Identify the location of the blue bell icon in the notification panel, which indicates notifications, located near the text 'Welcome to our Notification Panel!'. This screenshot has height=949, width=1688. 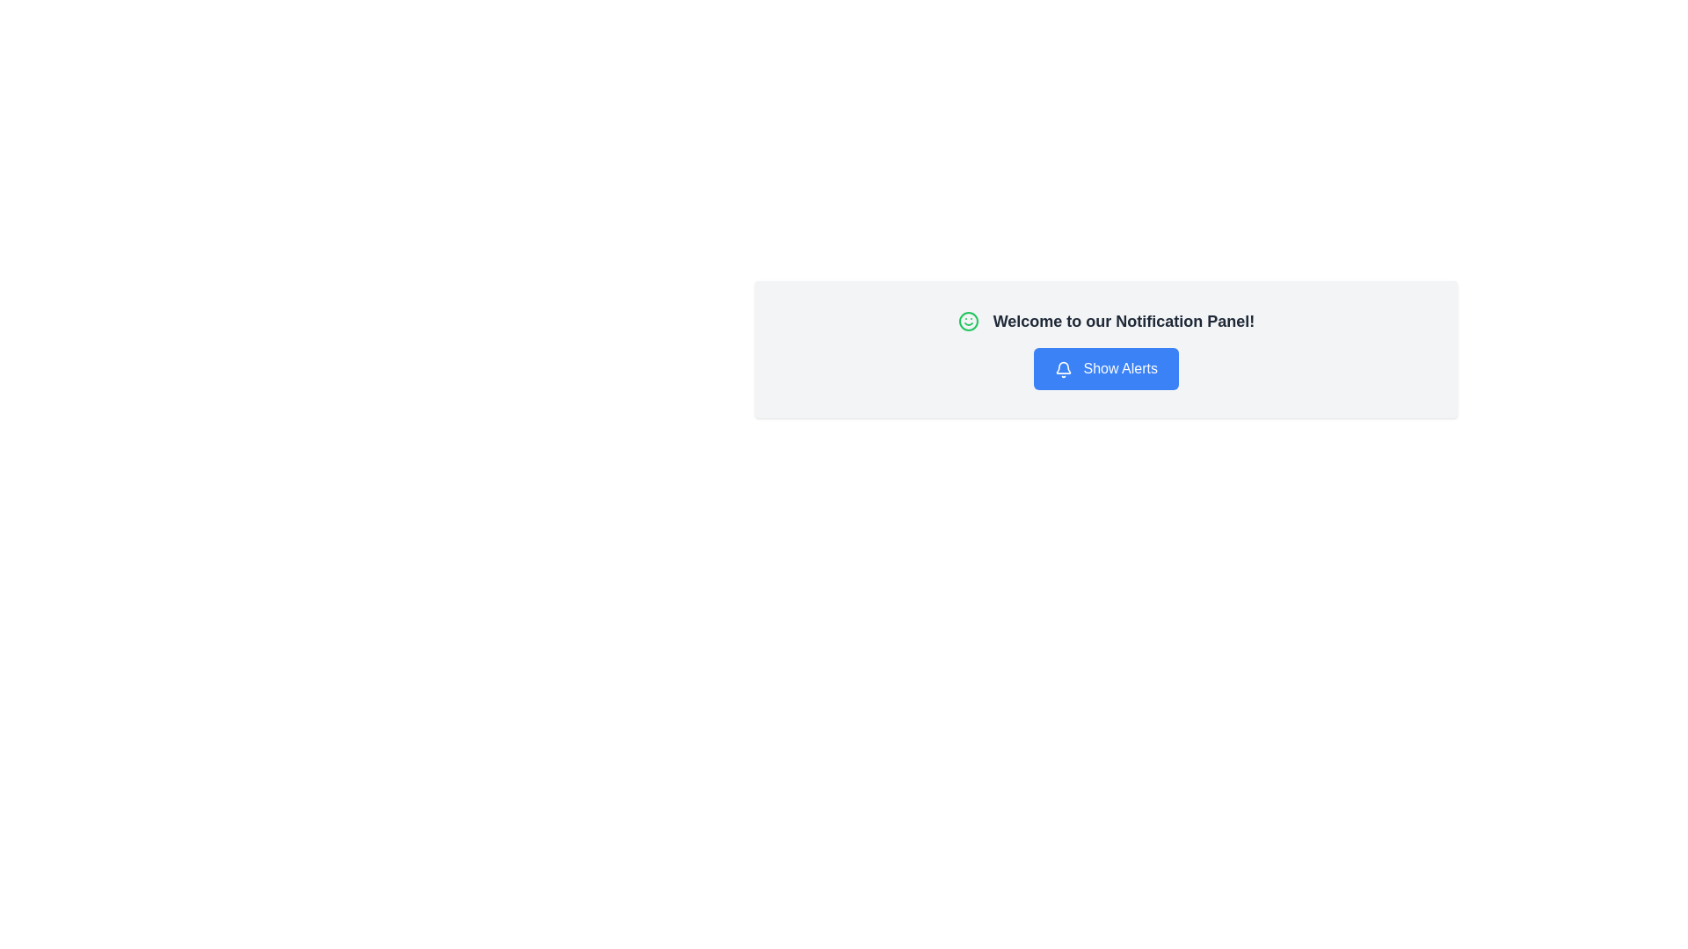
(1062, 366).